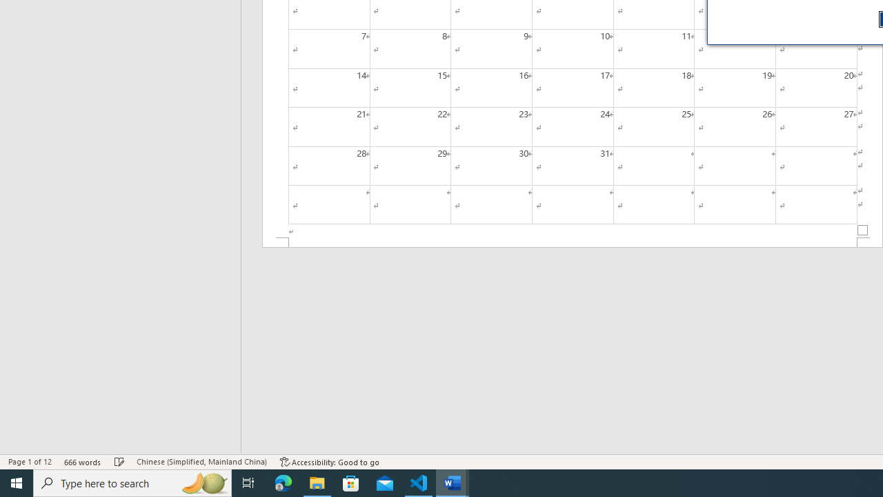 This screenshot has height=497, width=883. What do you see at coordinates (30, 462) in the screenshot?
I see `'Page Number Page 1 of 12'` at bounding box center [30, 462].